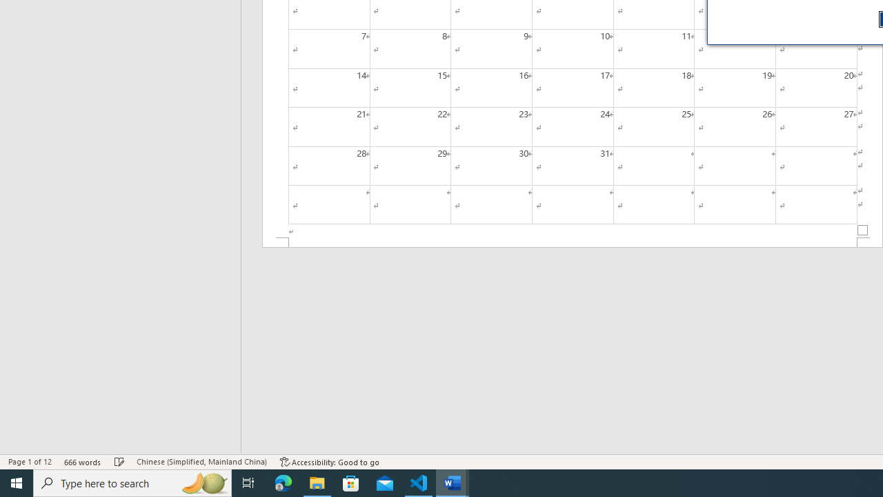 This screenshot has height=497, width=883. What do you see at coordinates (30, 462) in the screenshot?
I see `'Page Number Page 1 of 12'` at bounding box center [30, 462].